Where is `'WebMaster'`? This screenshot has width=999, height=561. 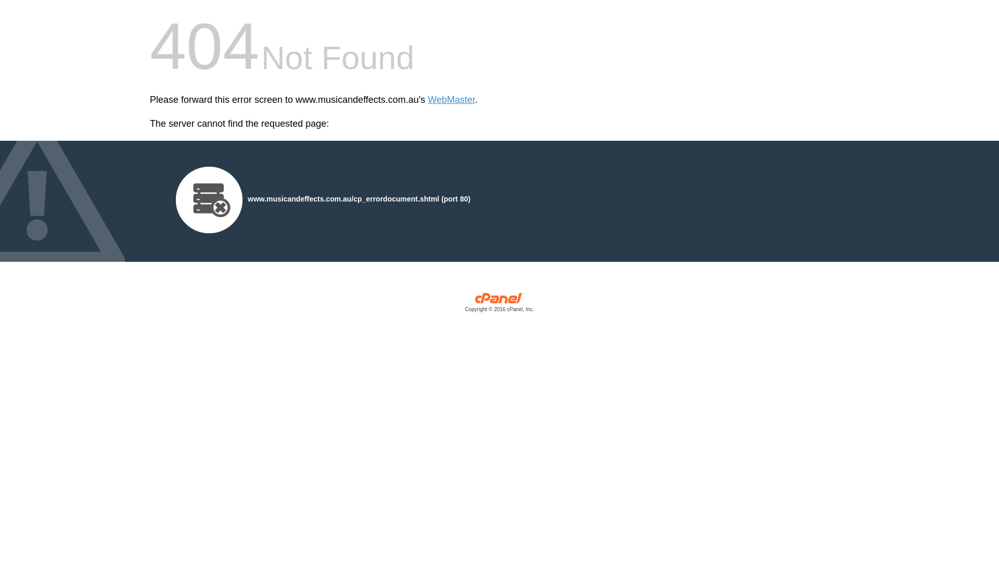
'WebMaster' is located at coordinates (451, 100).